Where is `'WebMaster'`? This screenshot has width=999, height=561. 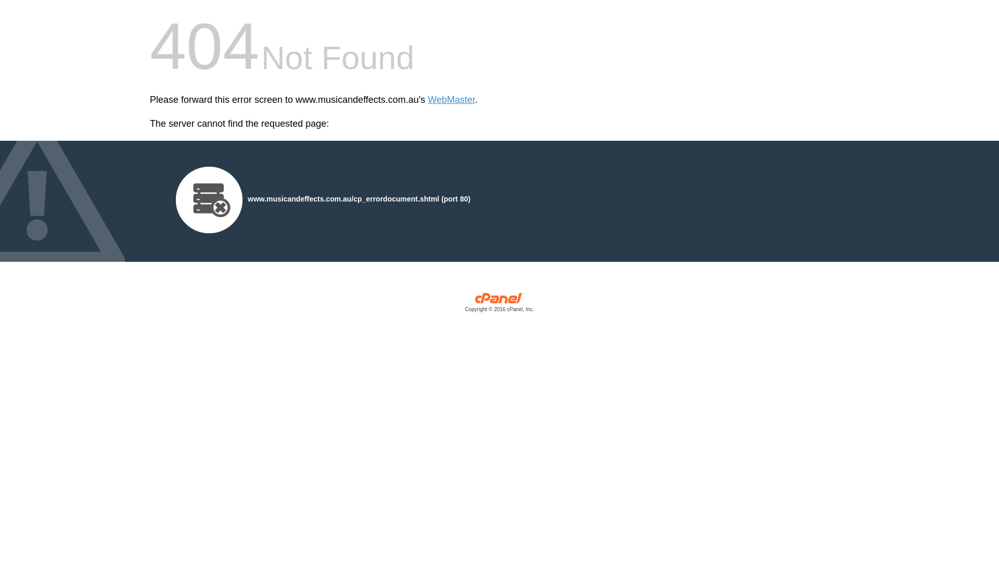
'WebMaster' is located at coordinates (451, 100).